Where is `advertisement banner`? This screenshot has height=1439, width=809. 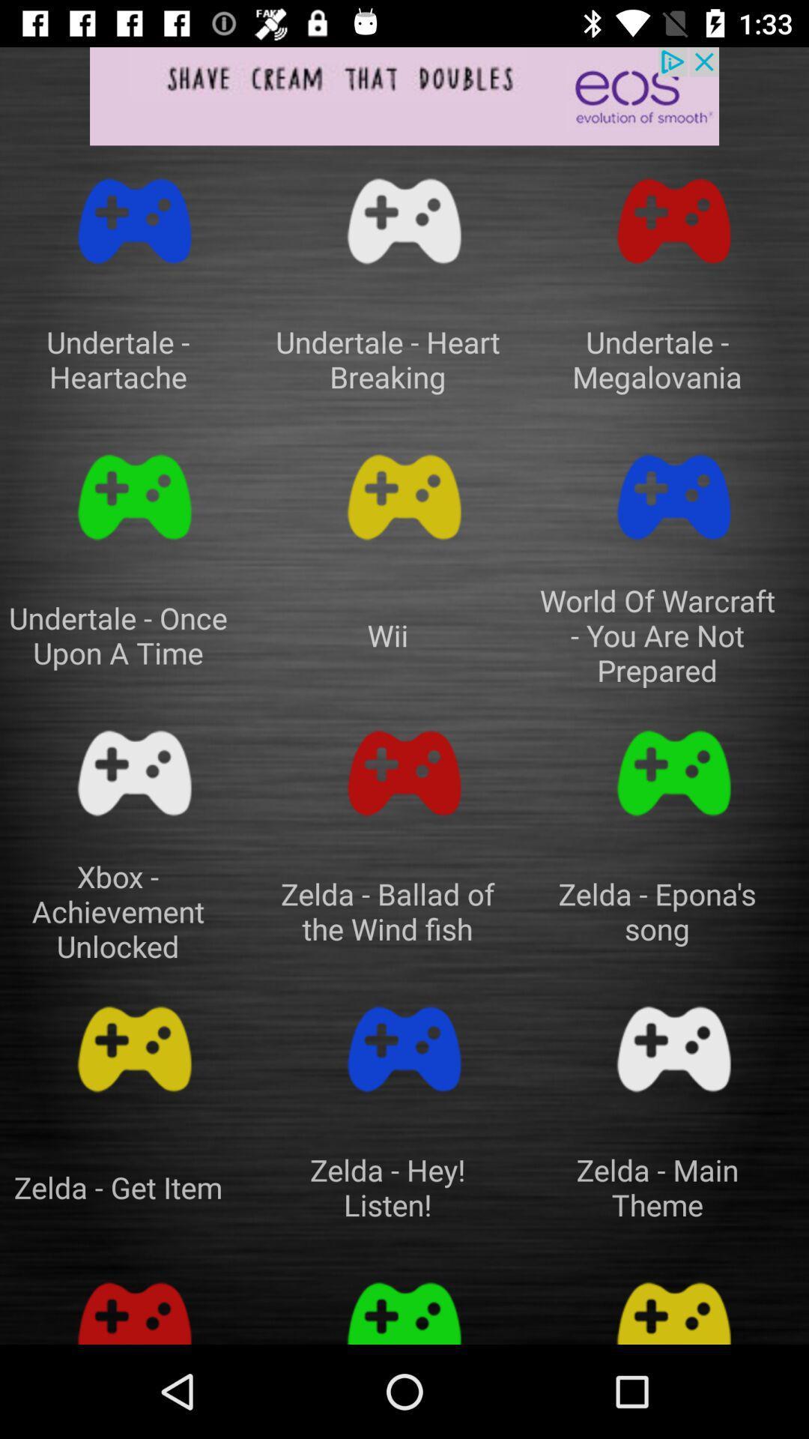
advertisement banner is located at coordinates (404, 95).